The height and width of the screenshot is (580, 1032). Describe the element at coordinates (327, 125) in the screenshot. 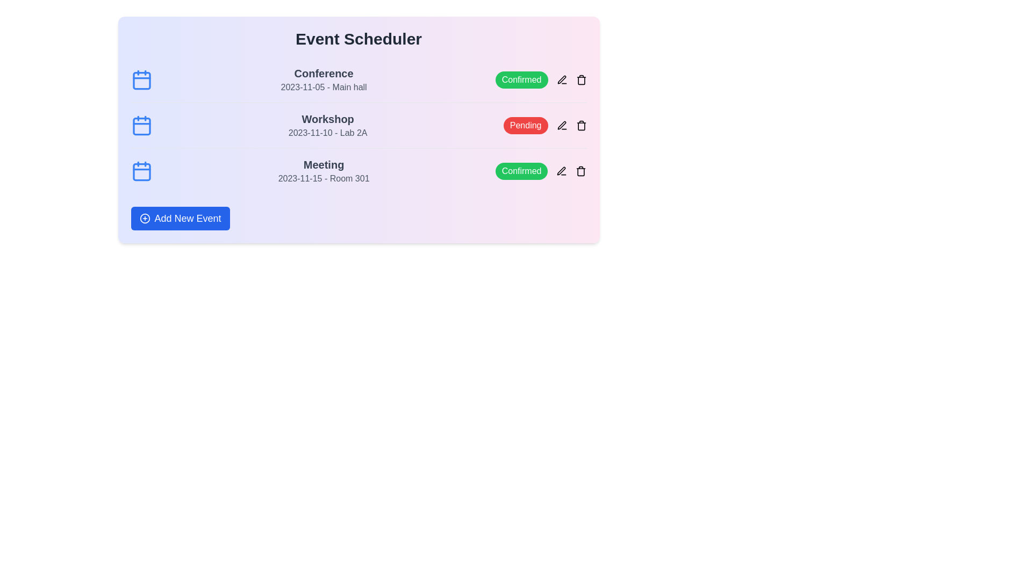

I see `the text block displaying information about the workshop happening on November 10, 2023, in 'Lab 2A', located in the middle section of the event list within the 'Event Scheduler' panel` at that location.